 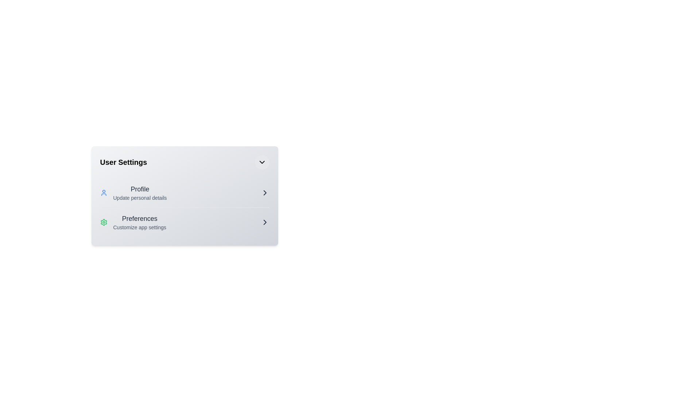 What do you see at coordinates (184, 222) in the screenshot?
I see `the second Clickable List Item labeled 'Preferences' in the 'User Settings' section` at bounding box center [184, 222].